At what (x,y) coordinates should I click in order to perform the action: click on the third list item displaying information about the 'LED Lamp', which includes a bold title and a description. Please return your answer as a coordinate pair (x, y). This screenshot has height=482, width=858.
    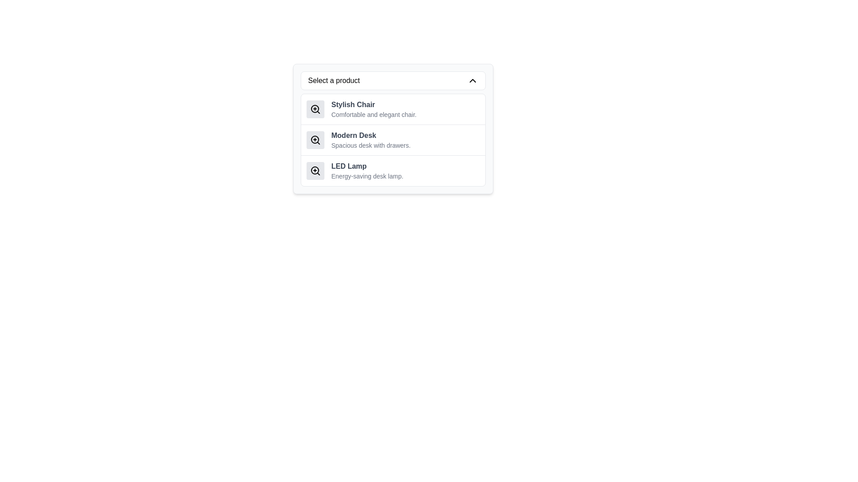
    Looking at the image, I should click on (393, 170).